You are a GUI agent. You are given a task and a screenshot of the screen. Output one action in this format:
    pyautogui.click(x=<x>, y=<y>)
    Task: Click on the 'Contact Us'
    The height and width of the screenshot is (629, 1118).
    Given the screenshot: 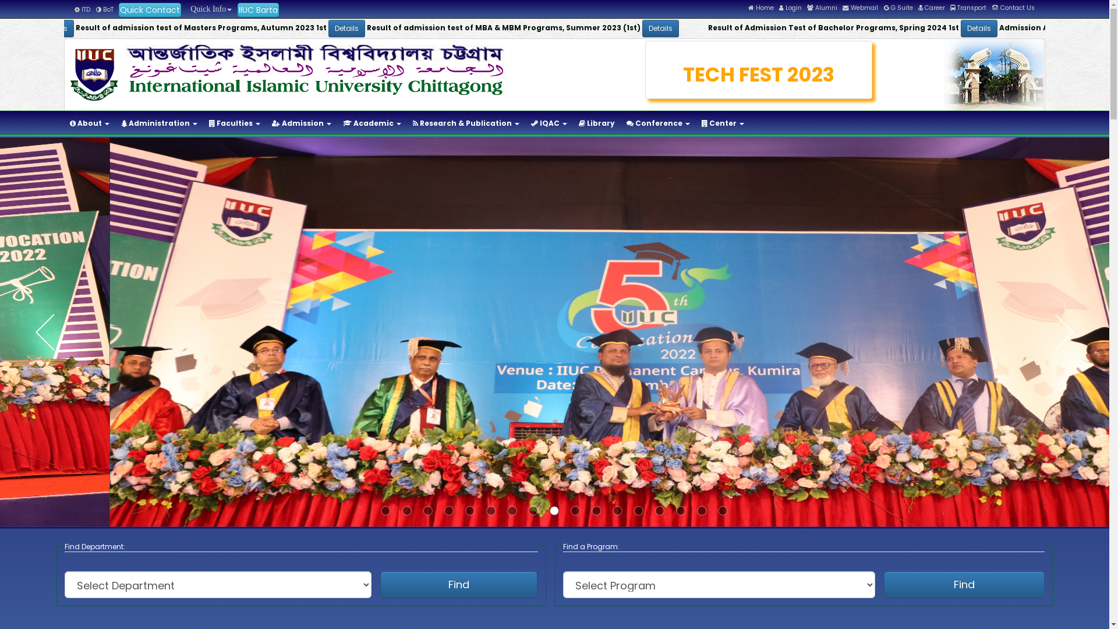 What is the action you would take?
    pyautogui.click(x=1013, y=8)
    